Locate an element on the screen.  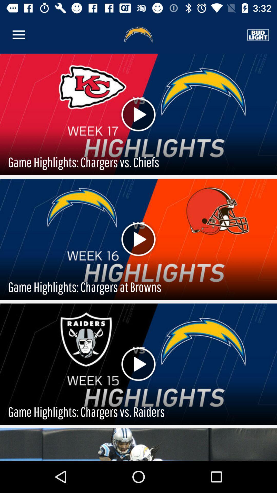
icon at the top left corner is located at coordinates (18, 35).